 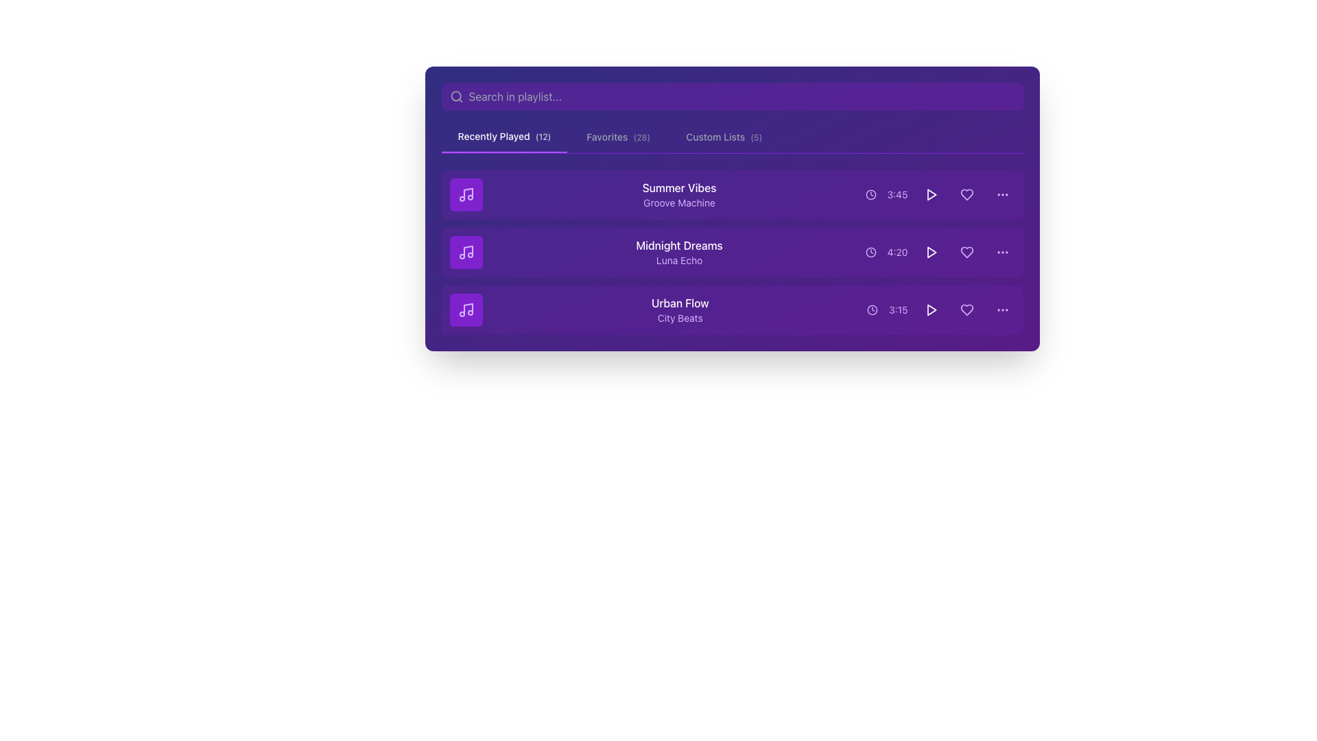 What do you see at coordinates (931, 309) in the screenshot?
I see `the play button with a circular purple background and a white triangular play icon, located in the 'Urban Flow' row under 'Recently Played'` at bounding box center [931, 309].